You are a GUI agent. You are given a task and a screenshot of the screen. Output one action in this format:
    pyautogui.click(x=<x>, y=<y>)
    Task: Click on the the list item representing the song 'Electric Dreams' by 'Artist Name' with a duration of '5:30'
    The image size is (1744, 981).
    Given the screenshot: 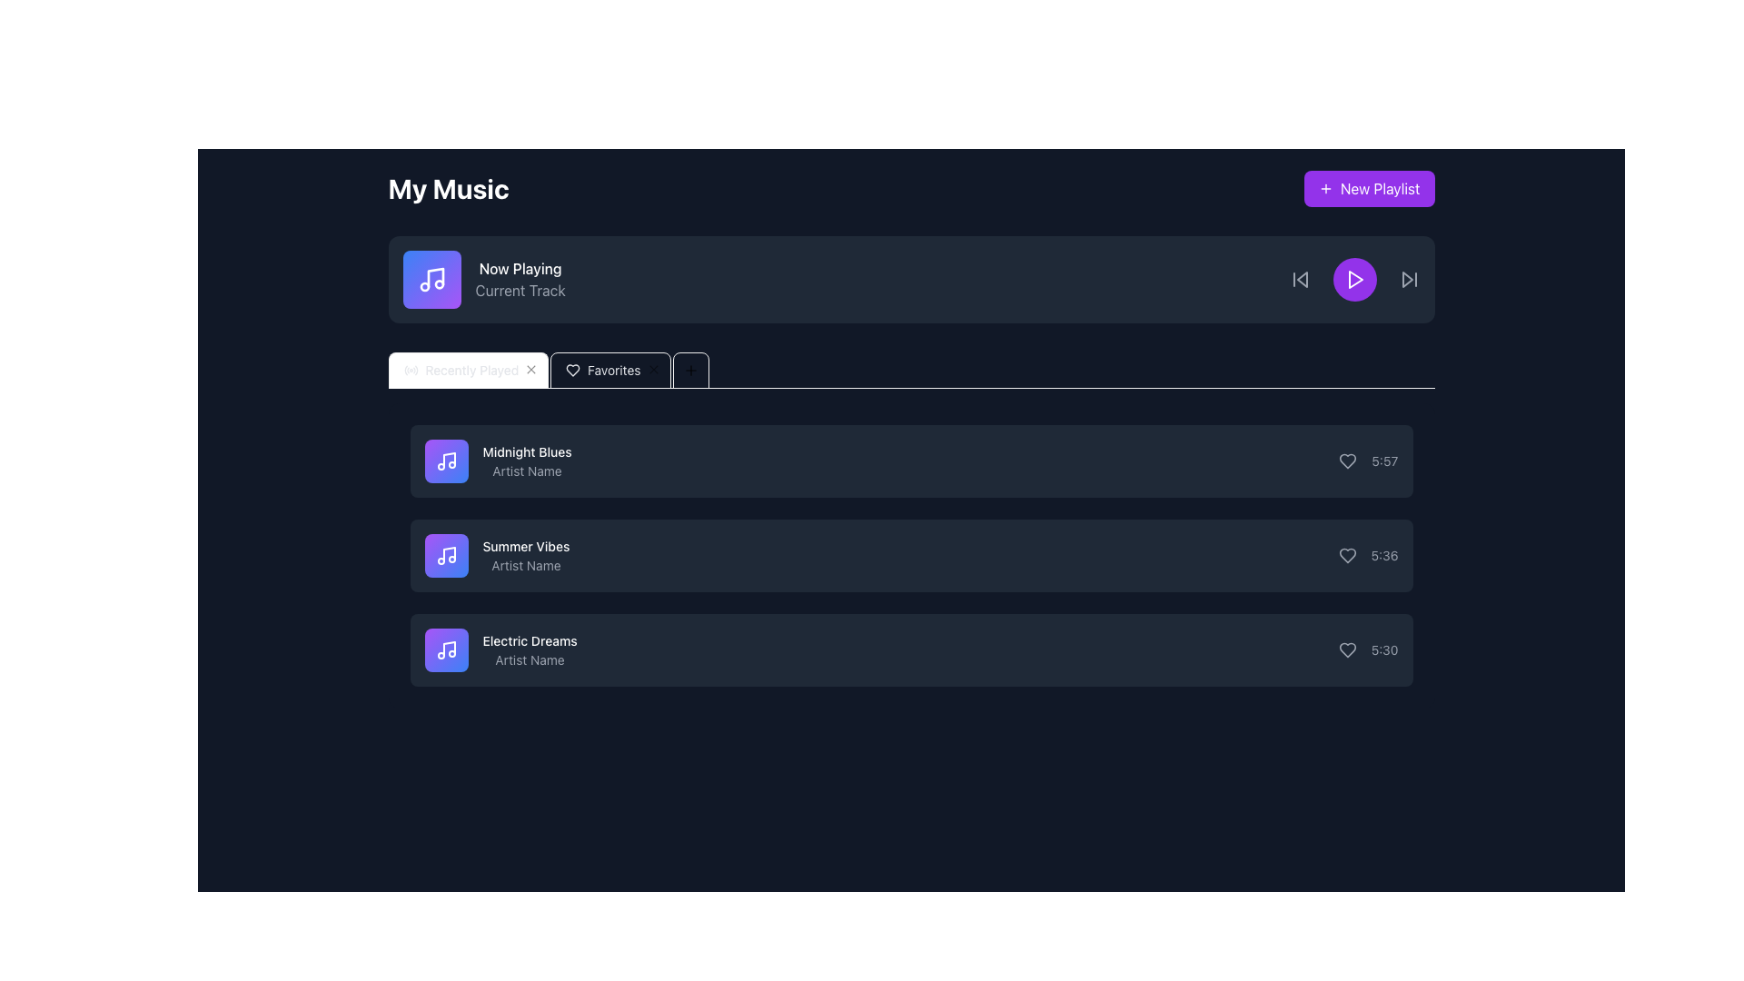 What is the action you would take?
    pyautogui.click(x=911, y=649)
    